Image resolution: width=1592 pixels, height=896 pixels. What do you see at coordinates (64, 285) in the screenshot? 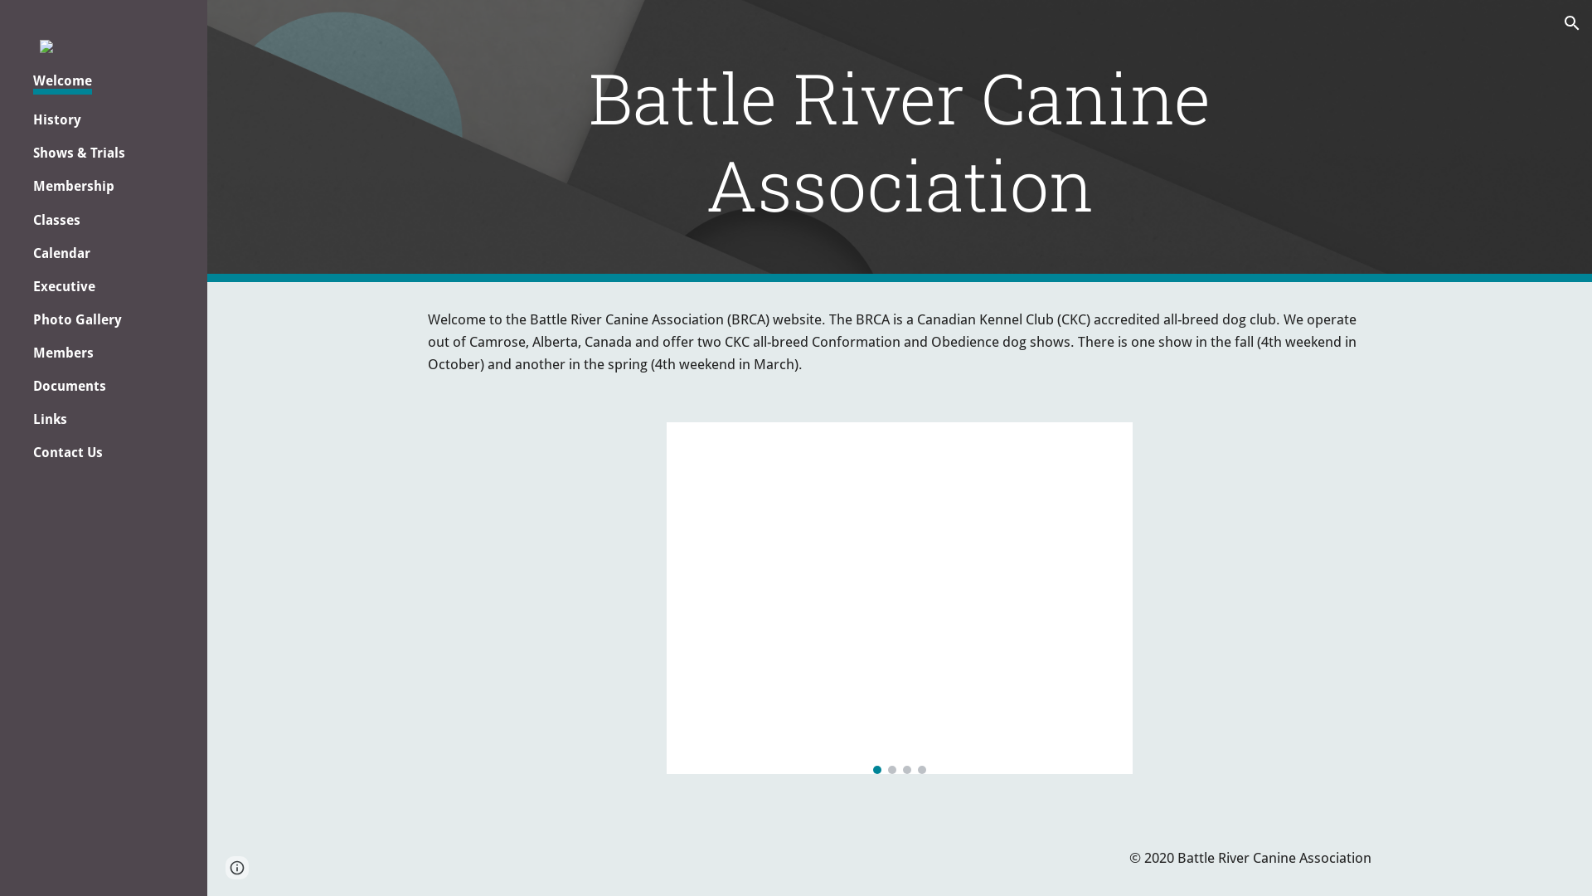
I see `'Executive'` at bounding box center [64, 285].